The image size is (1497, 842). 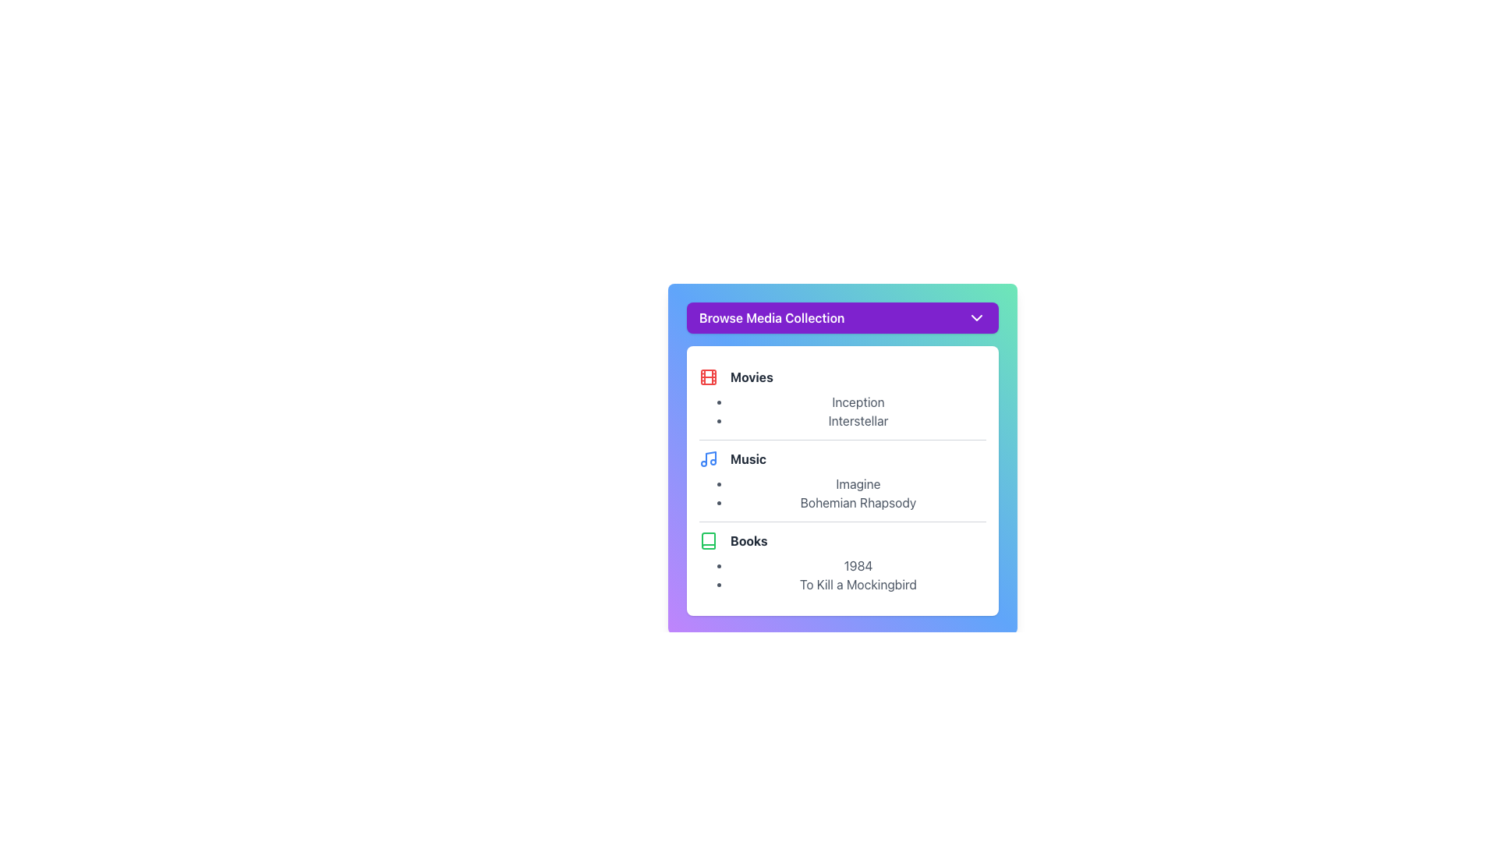 What do you see at coordinates (857, 575) in the screenshot?
I see `the text list item containing '1984' and 'To Kill a Mockingbird' in the 'Books' section of the interface` at bounding box center [857, 575].